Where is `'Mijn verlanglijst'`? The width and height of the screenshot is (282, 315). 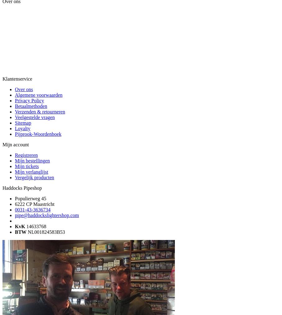
'Mijn verlanglijst' is located at coordinates (15, 171).